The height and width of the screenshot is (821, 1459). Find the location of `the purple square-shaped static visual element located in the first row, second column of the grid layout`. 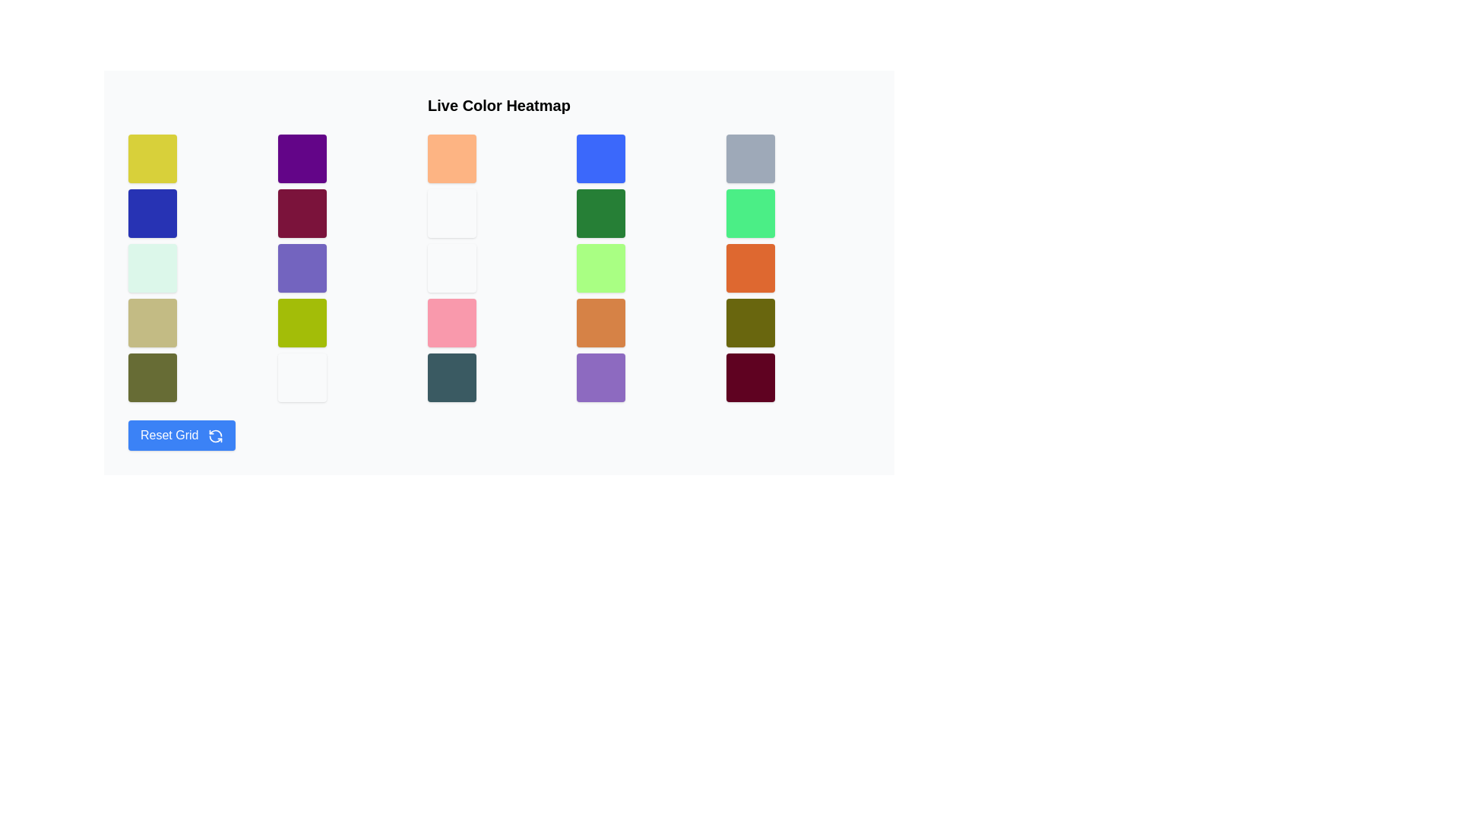

the purple square-shaped static visual element located in the first row, second column of the grid layout is located at coordinates (302, 158).